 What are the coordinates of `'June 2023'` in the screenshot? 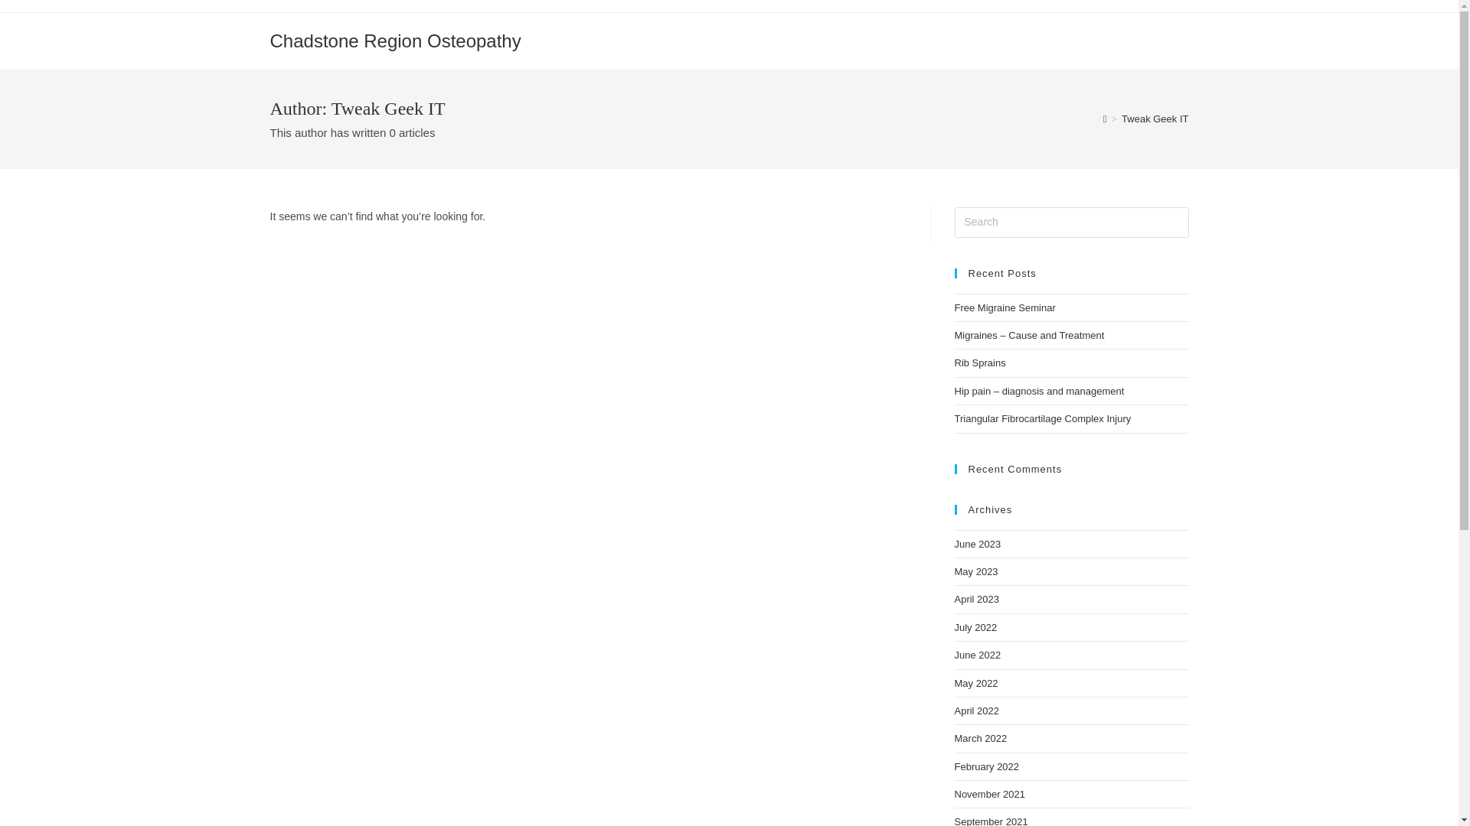 It's located at (976, 543).